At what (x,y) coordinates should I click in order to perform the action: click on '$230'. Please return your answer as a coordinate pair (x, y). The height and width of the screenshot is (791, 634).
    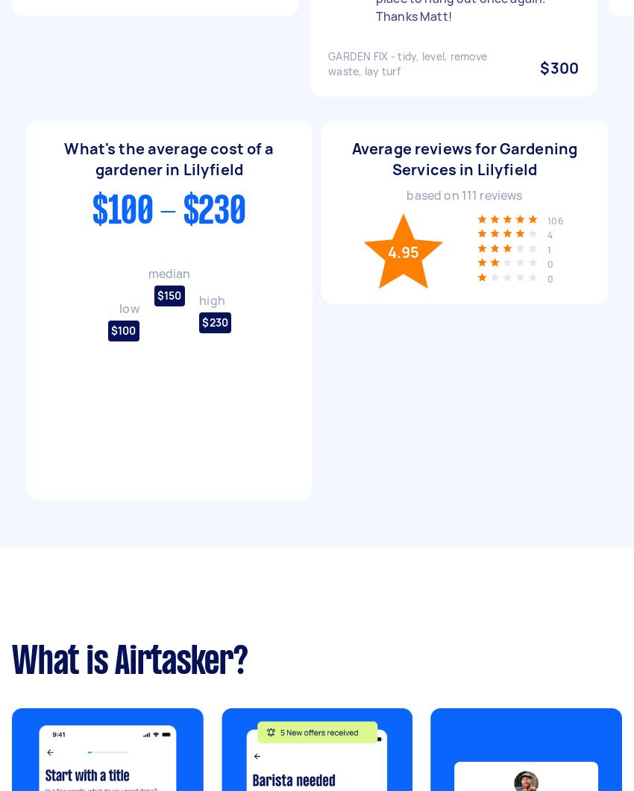
    Looking at the image, I should click on (214, 322).